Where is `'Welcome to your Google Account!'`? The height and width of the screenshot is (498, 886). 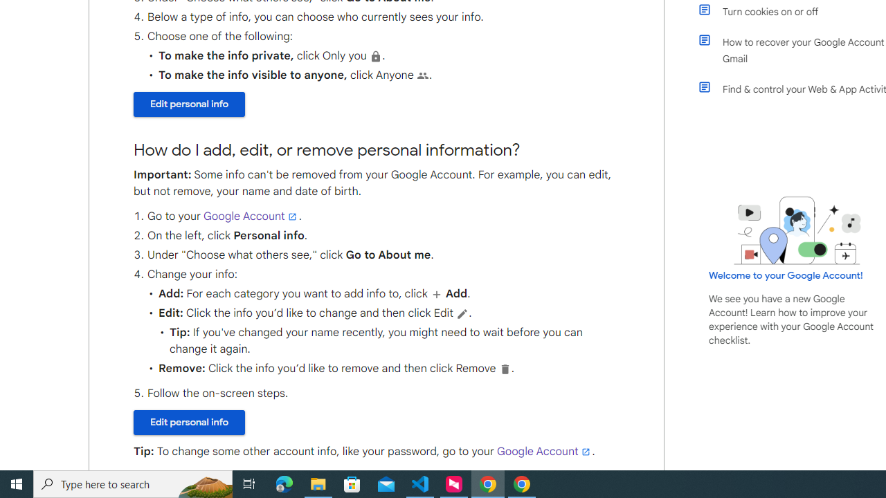 'Welcome to your Google Account!' is located at coordinates (786, 275).